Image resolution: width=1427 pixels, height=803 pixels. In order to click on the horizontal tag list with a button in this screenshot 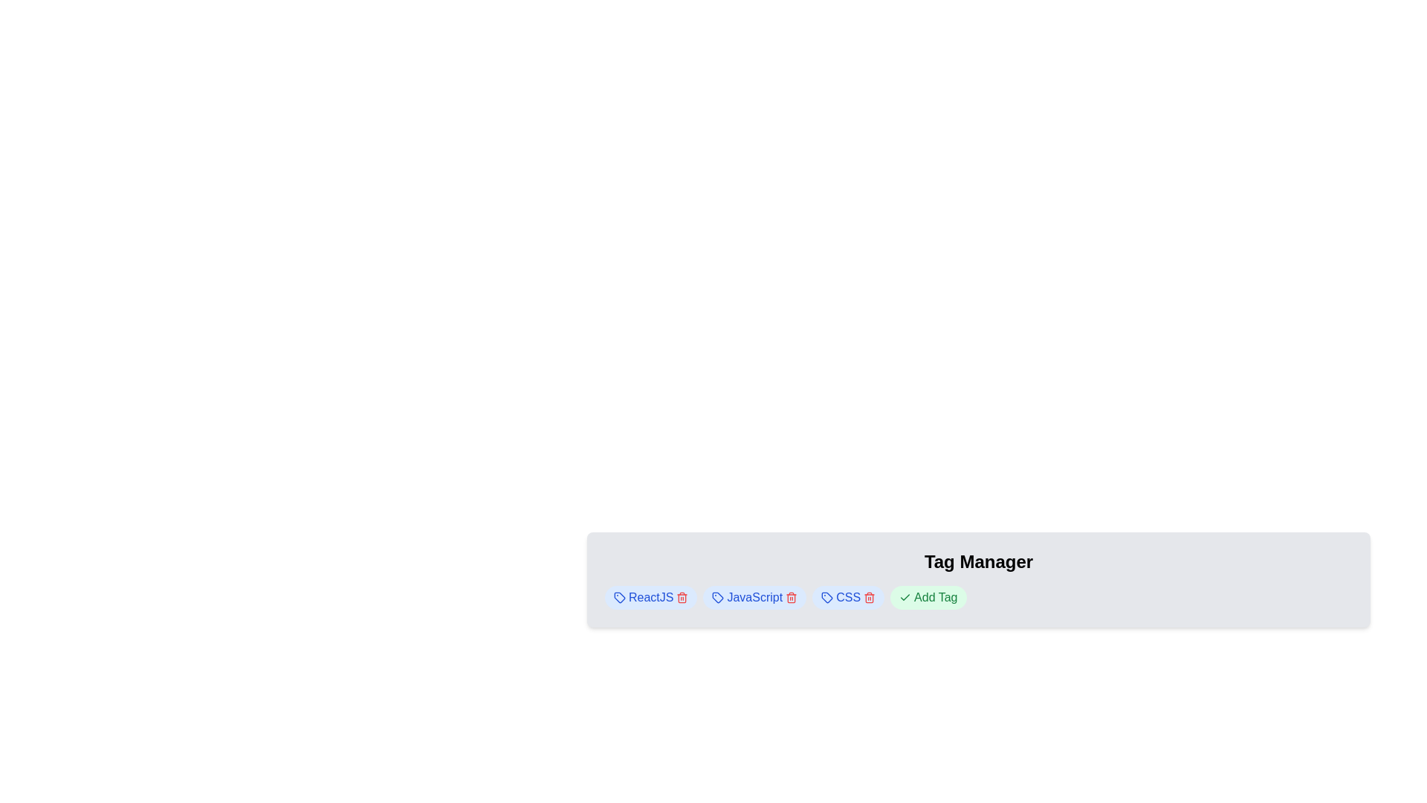, I will do `click(978, 596)`.